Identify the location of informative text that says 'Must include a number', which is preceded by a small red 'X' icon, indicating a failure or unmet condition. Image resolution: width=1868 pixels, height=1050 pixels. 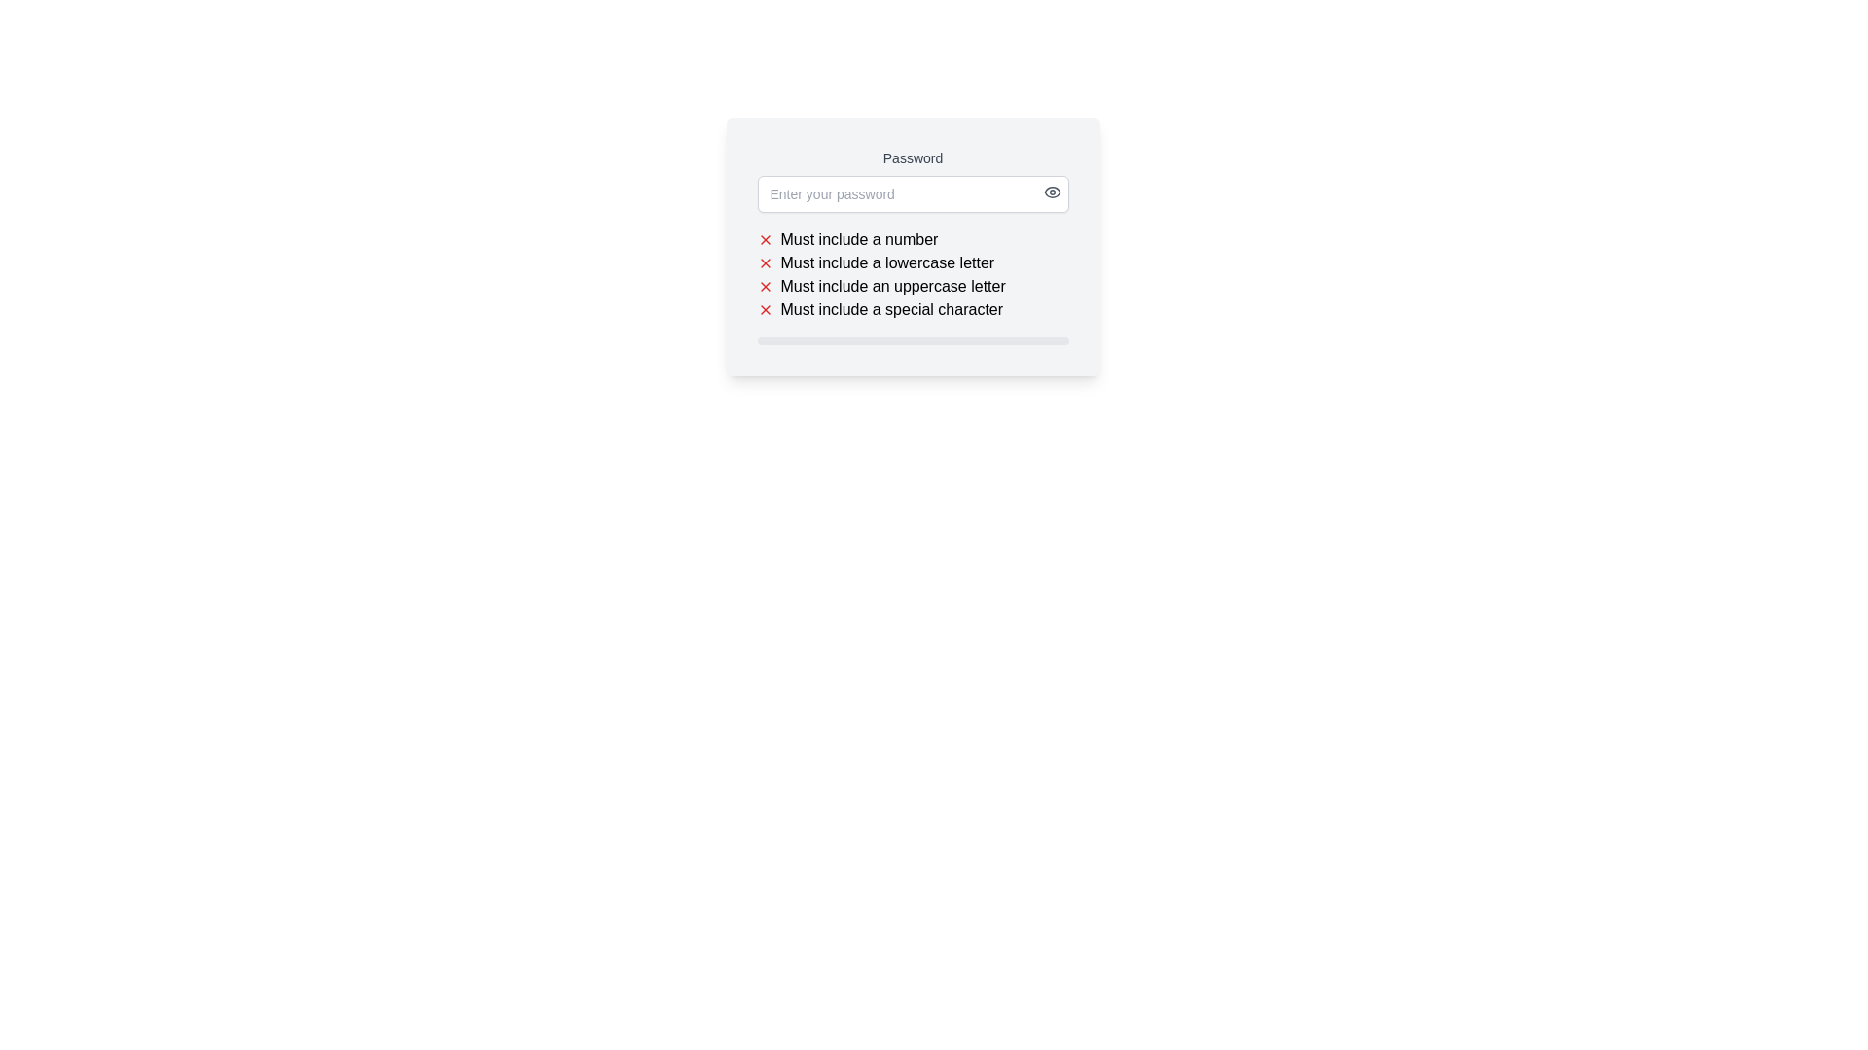
(912, 238).